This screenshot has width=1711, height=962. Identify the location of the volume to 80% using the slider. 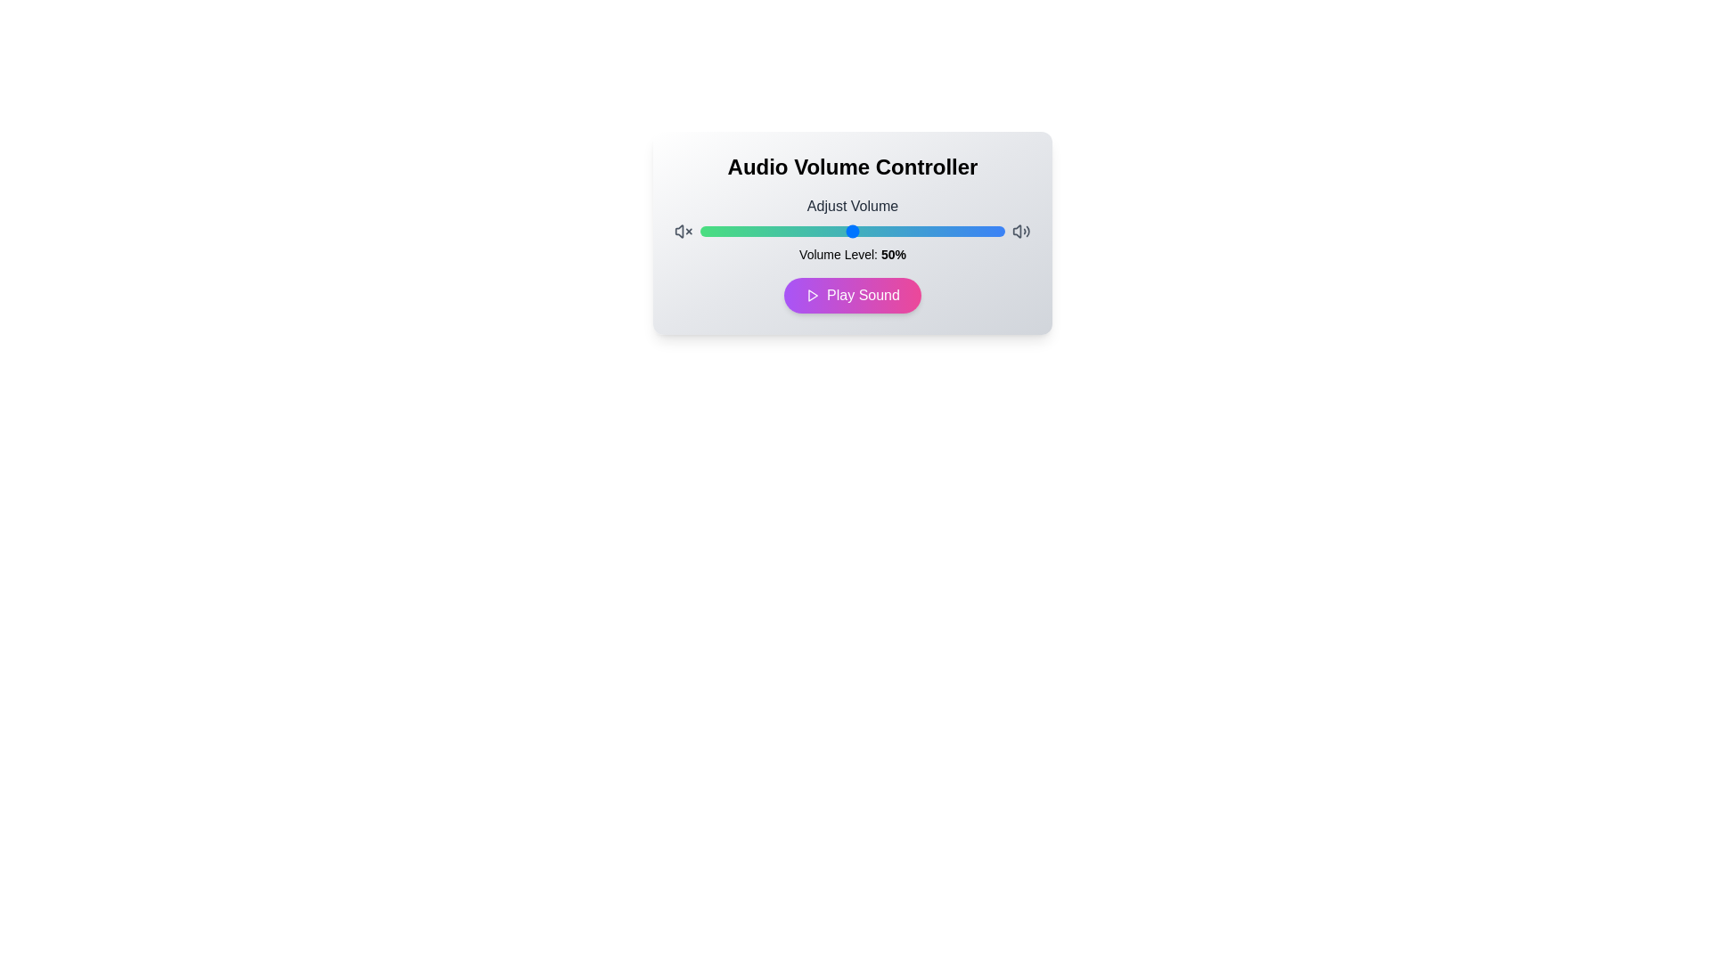
(943, 230).